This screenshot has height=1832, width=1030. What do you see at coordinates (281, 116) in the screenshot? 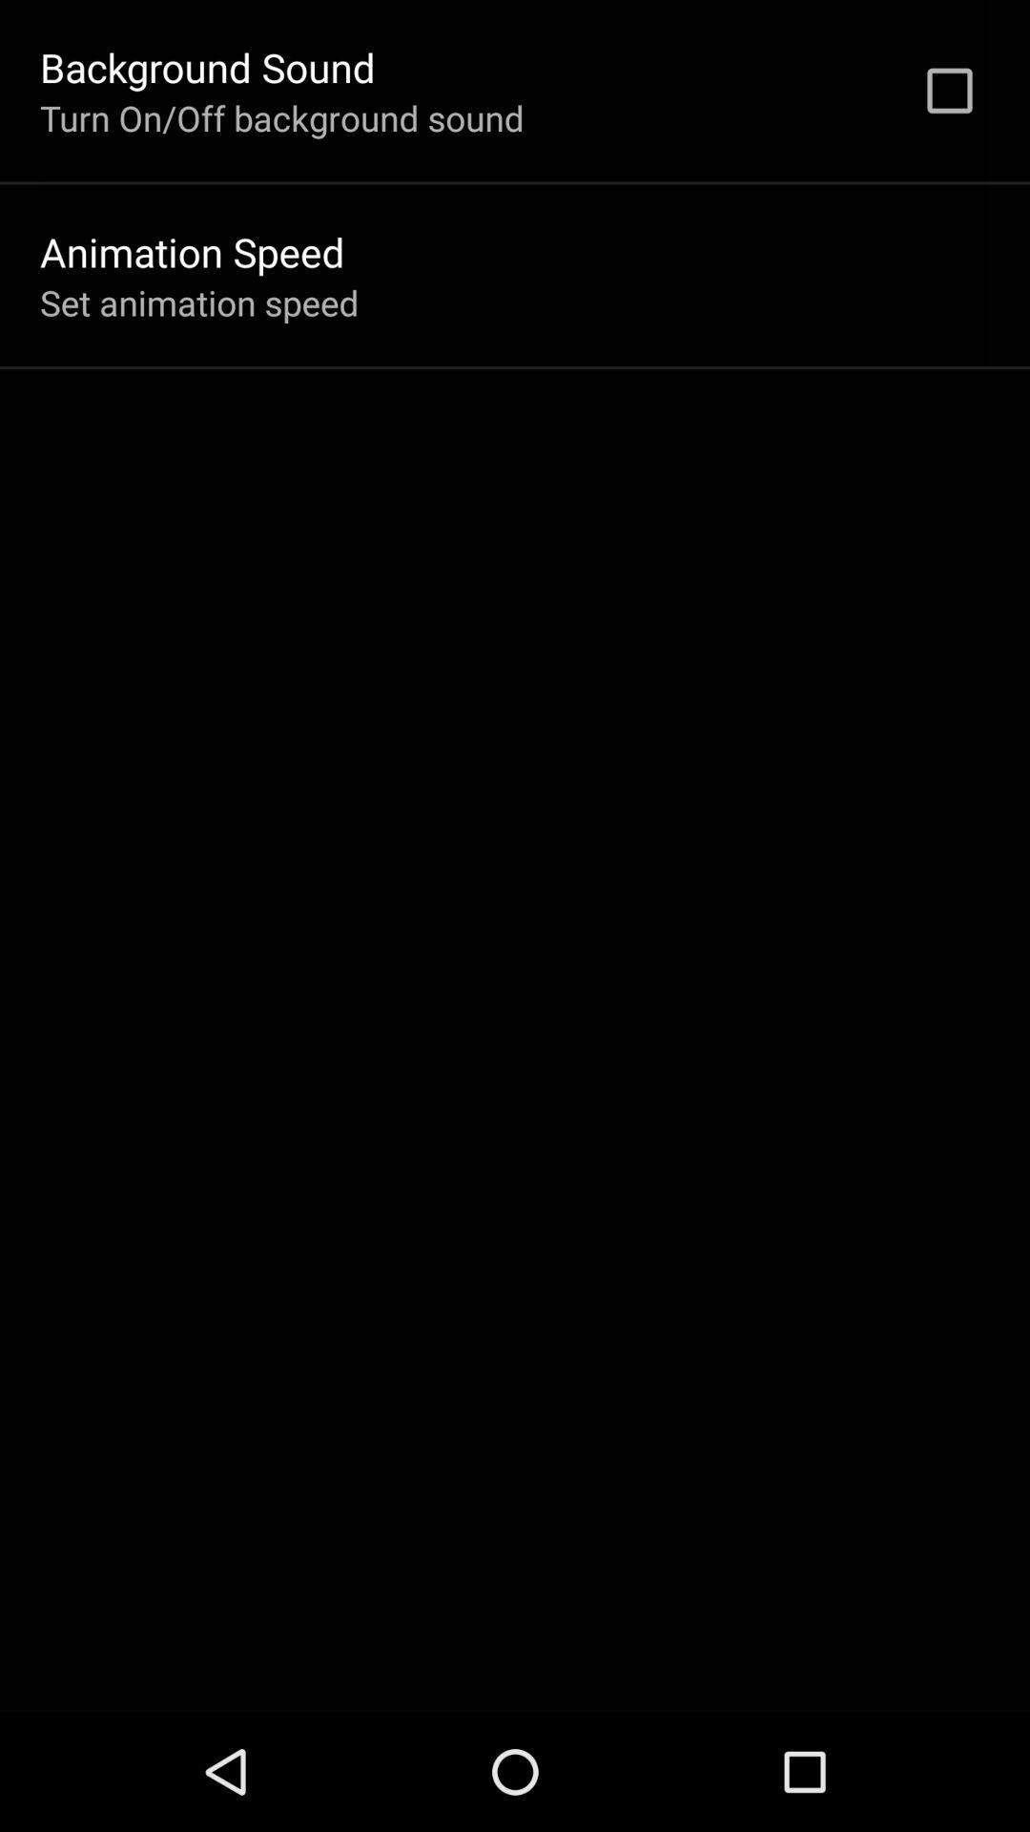
I see `turn on off icon` at bounding box center [281, 116].